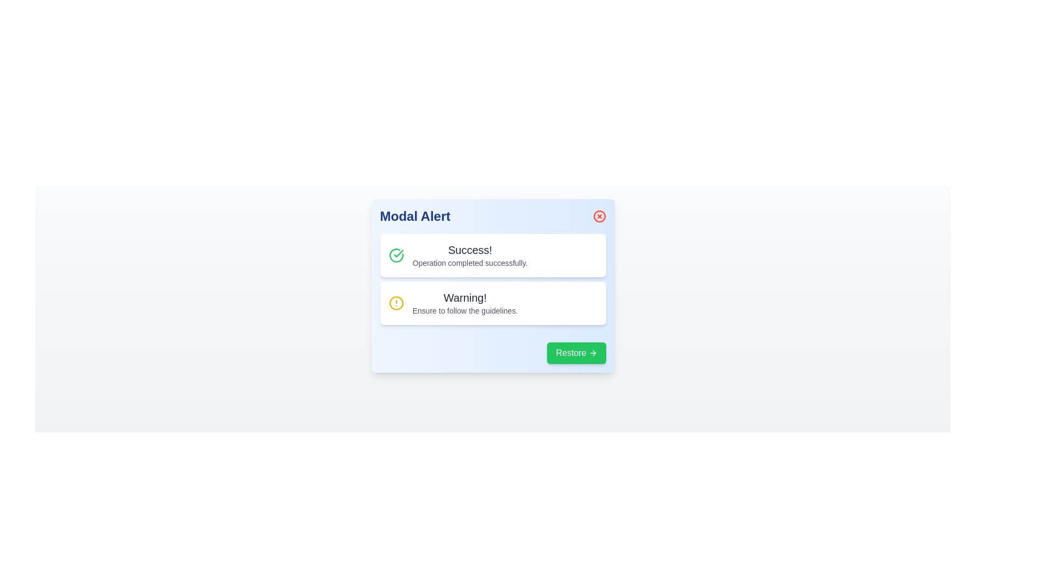 The image size is (1043, 586). What do you see at coordinates (492, 255) in the screenshot?
I see `the Notification card located below the header 'Modal Alert' and above the 'Warning!' notification in the modal structure` at bounding box center [492, 255].